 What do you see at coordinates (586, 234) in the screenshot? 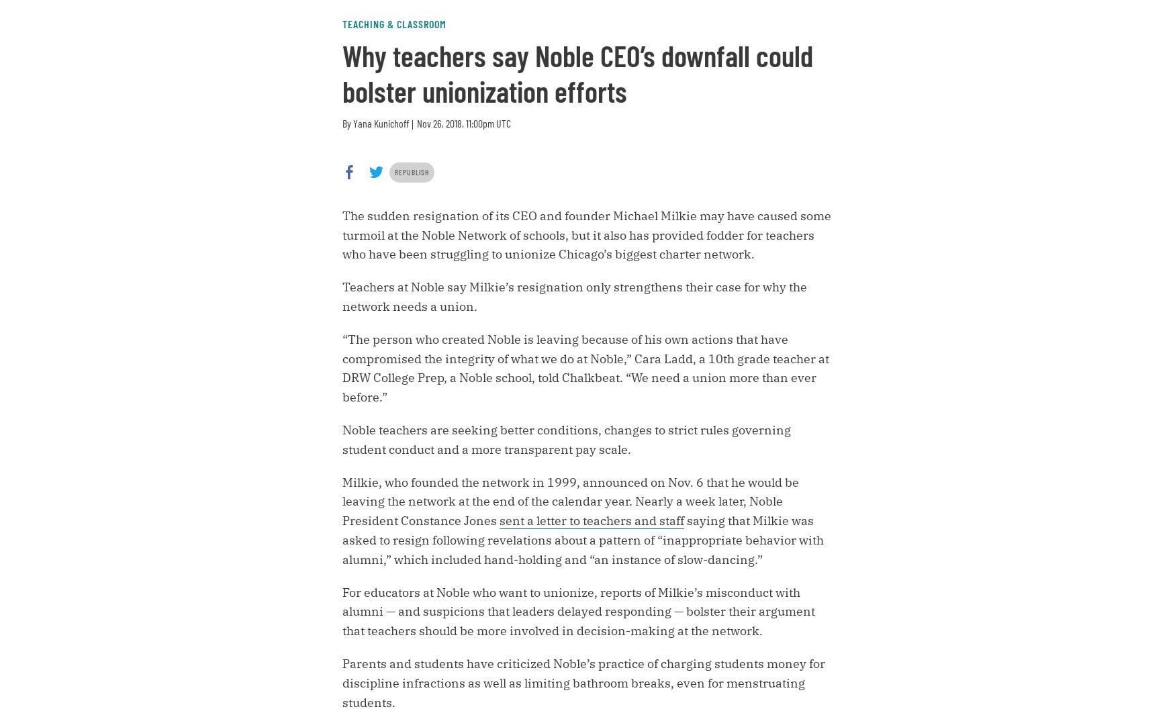
I see `'The sudden resignation of its CEO and founder Michael Milkie may have caused some turmoil at the Noble Network of schools, but it also has provided fodder for teachers who have been struggling to unionize Chicago’s biggest charter network.'` at bounding box center [586, 234].